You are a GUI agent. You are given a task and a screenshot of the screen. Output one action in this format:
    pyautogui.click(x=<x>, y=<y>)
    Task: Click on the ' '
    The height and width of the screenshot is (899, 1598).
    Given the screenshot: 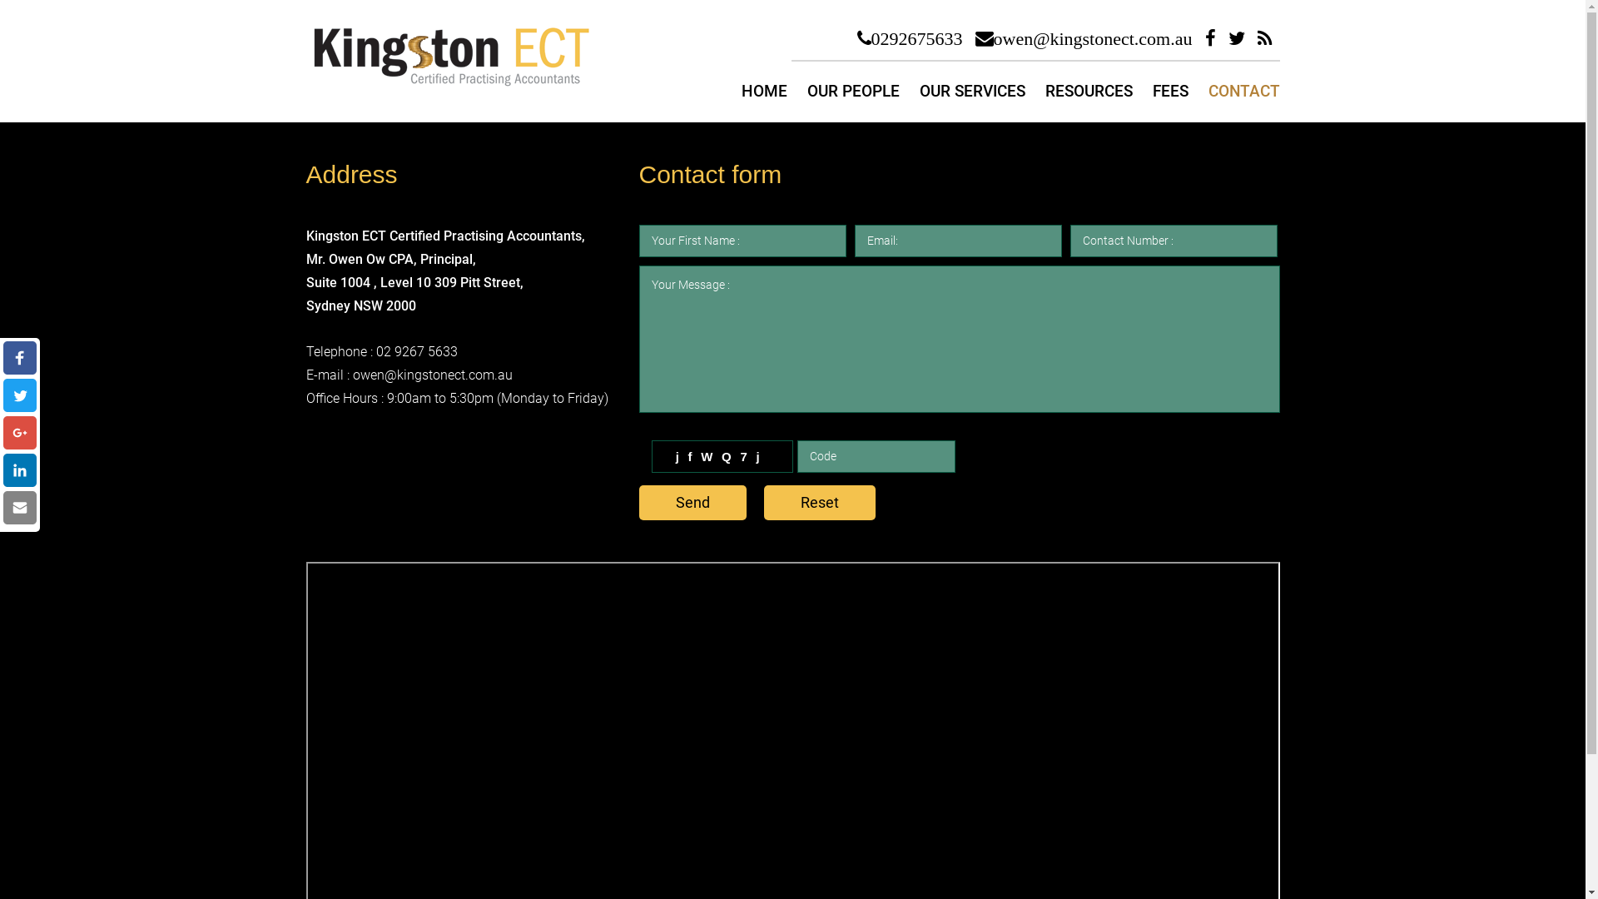 What is the action you would take?
    pyautogui.click(x=20, y=469)
    